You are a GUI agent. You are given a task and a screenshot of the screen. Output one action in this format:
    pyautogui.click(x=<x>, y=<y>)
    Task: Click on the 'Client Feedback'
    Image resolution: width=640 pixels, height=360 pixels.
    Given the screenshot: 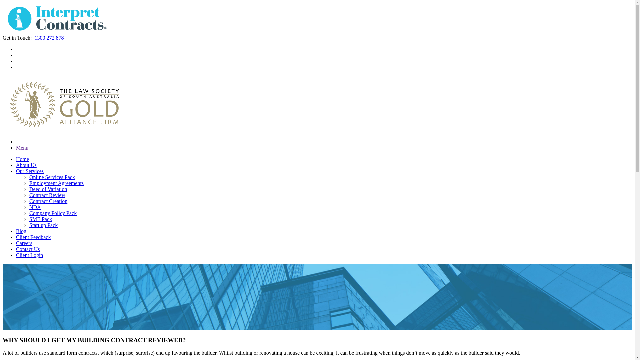 What is the action you would take?
    pyautogui.click(x=33, y=237)
    